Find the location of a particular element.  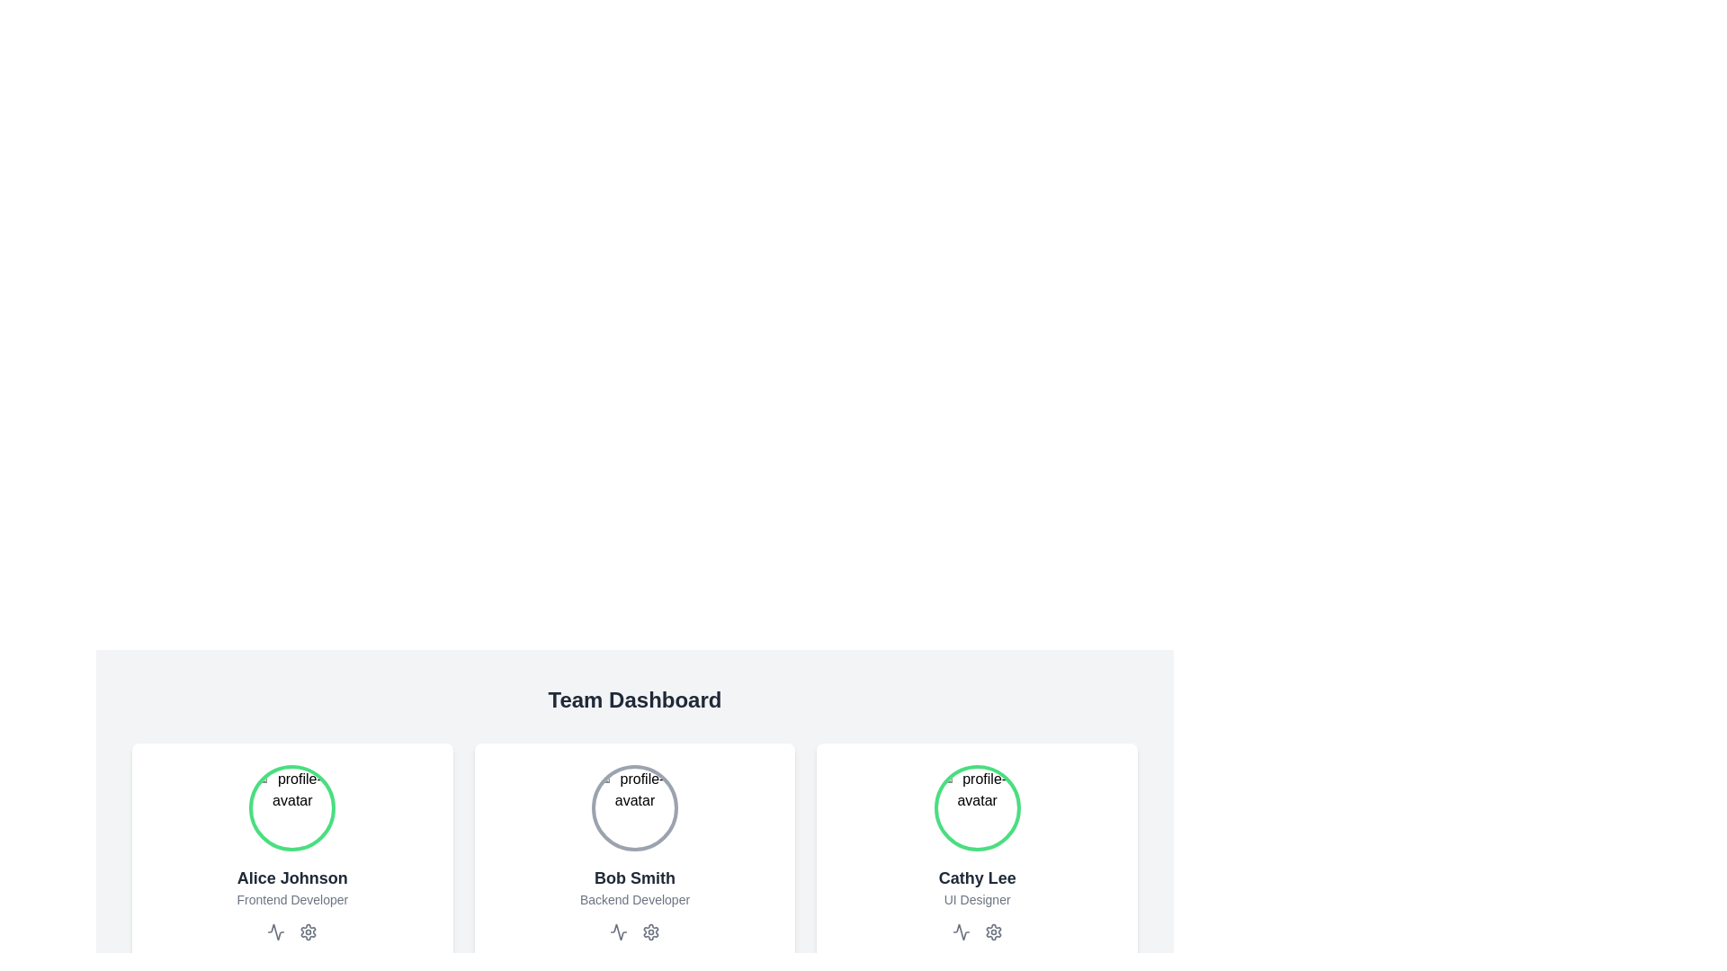

the icon representing user activity, monitoring, or insights, located below the profile avatar and name 'Bob Smith' in the middle card of the profile cards is located at coordinates (618, 931).